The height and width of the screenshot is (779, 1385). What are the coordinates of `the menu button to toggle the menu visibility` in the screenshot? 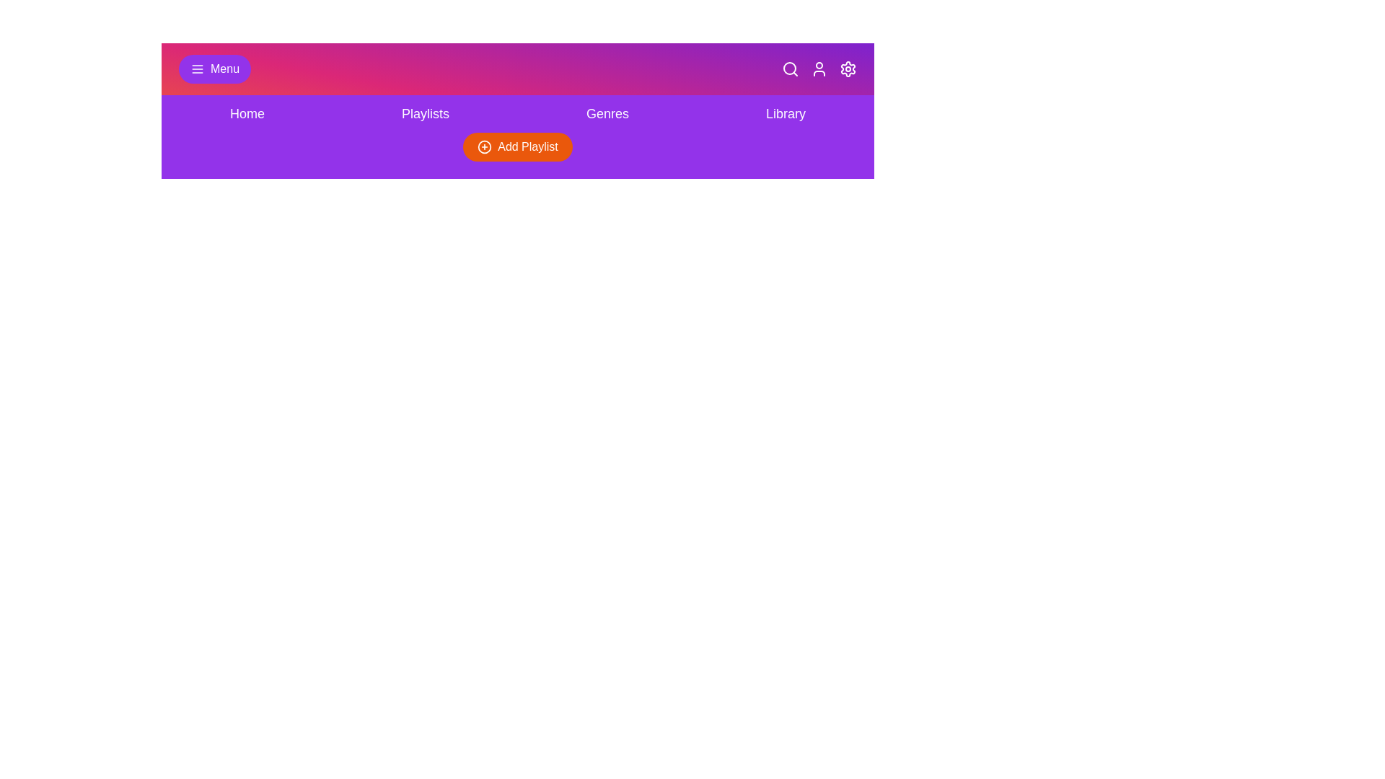 It's located at (214, 69).